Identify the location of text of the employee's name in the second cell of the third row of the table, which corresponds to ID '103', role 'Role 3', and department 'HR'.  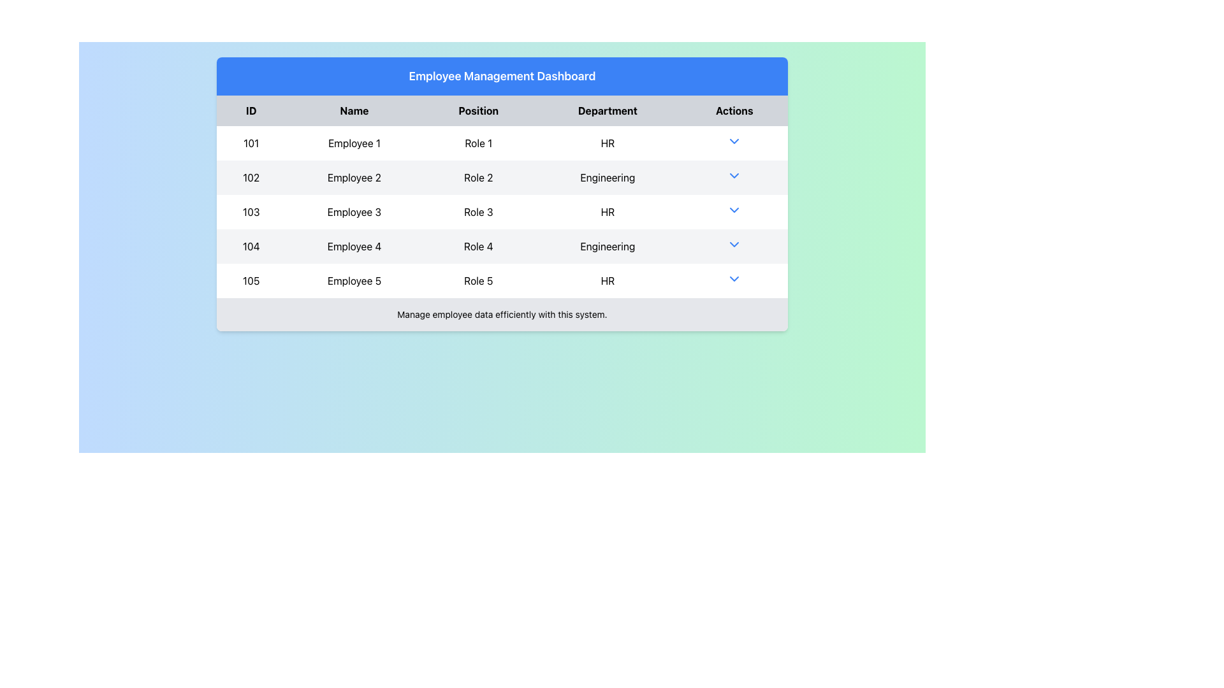
(354, 211).